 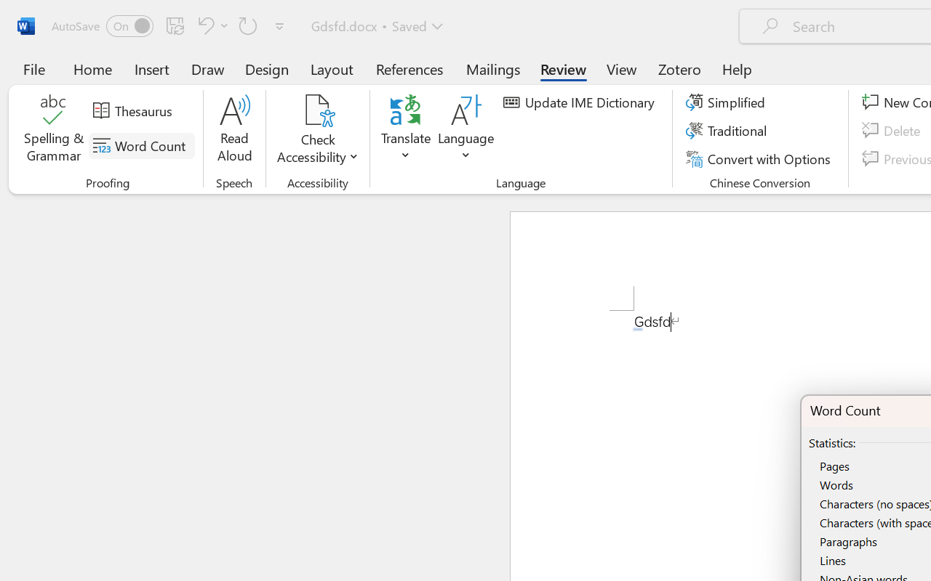 I want to click on 'Traditional', so click(x=729, y=130).